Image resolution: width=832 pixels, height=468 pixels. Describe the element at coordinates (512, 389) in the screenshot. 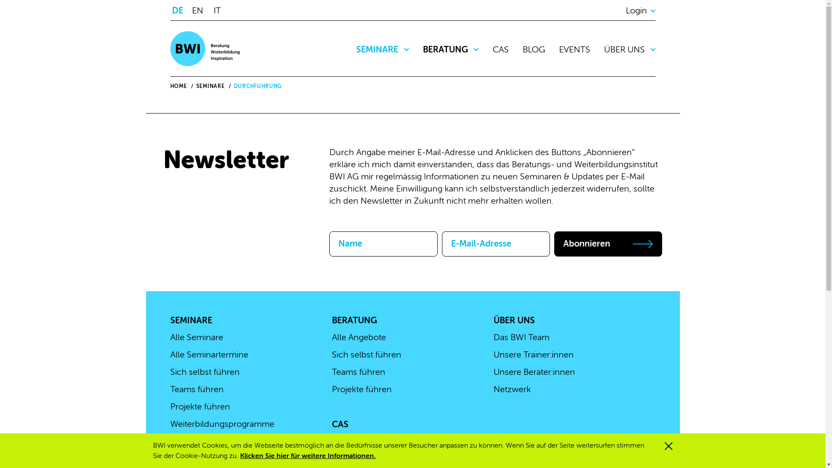

I see `'Netzwerk'` at that location.